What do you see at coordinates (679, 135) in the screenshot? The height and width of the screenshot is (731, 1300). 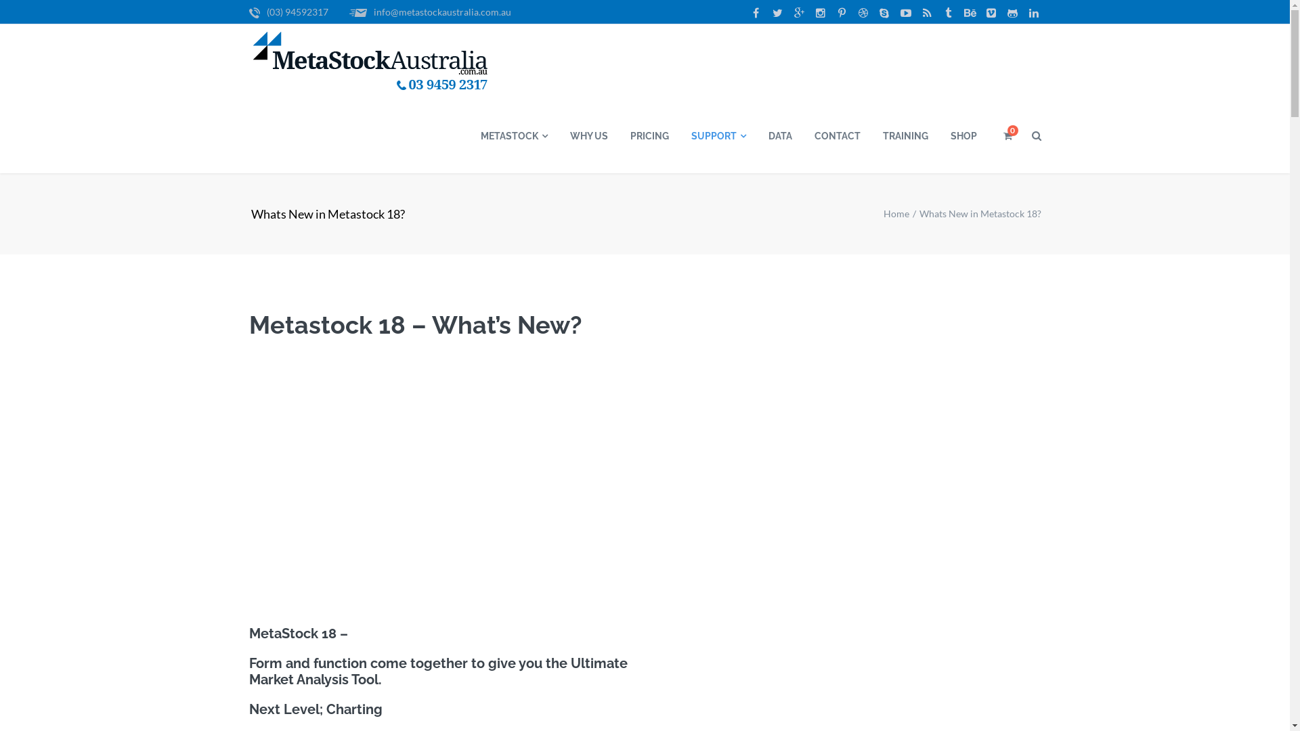 I see `'SUPPORT'` at bounding box center [679, 135].